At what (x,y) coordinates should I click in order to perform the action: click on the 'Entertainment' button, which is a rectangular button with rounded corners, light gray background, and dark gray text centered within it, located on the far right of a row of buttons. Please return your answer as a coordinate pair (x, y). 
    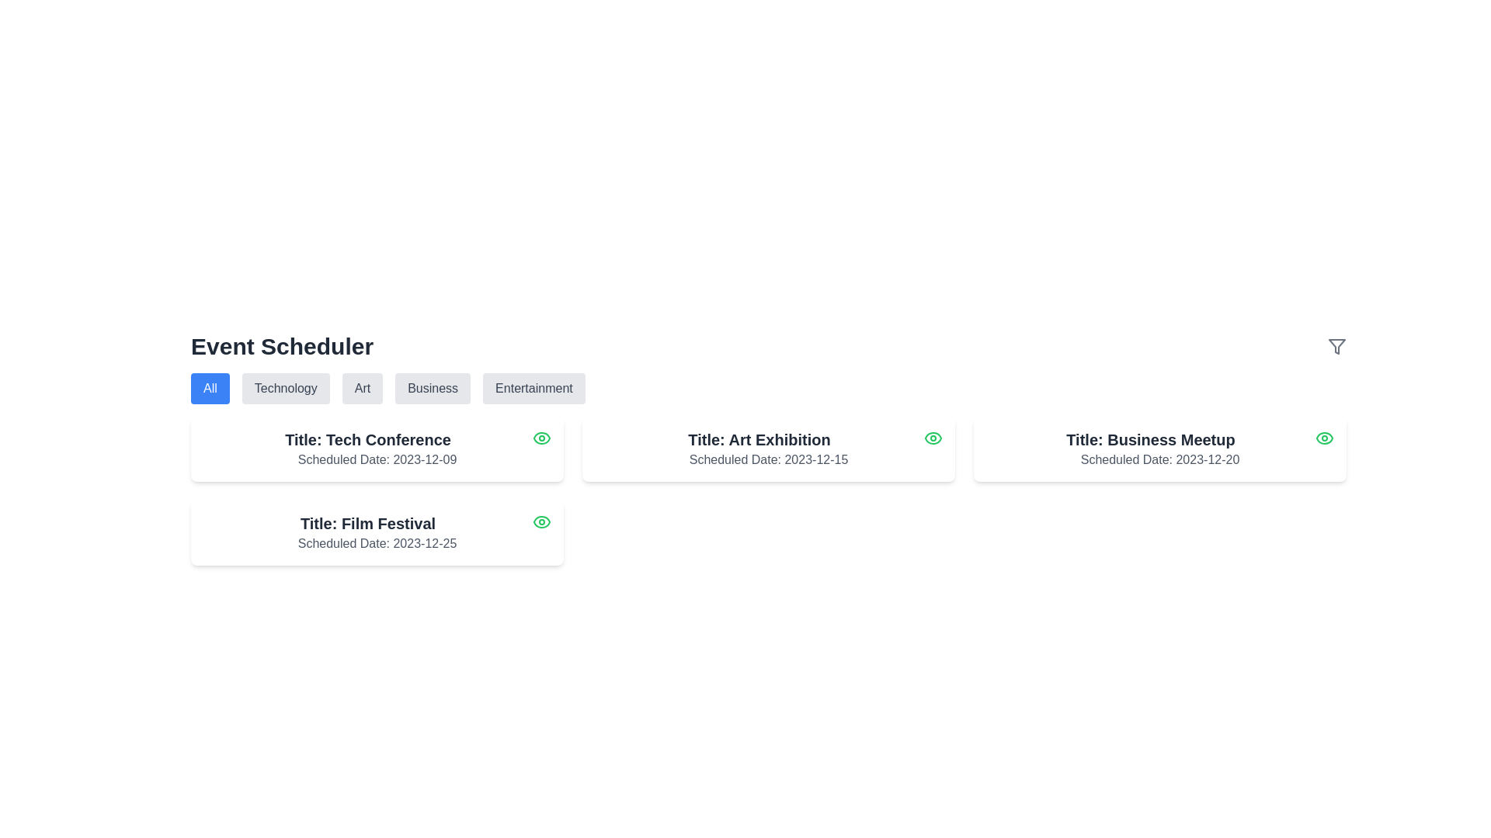
    Looking at the image, I should click on (533, 388).